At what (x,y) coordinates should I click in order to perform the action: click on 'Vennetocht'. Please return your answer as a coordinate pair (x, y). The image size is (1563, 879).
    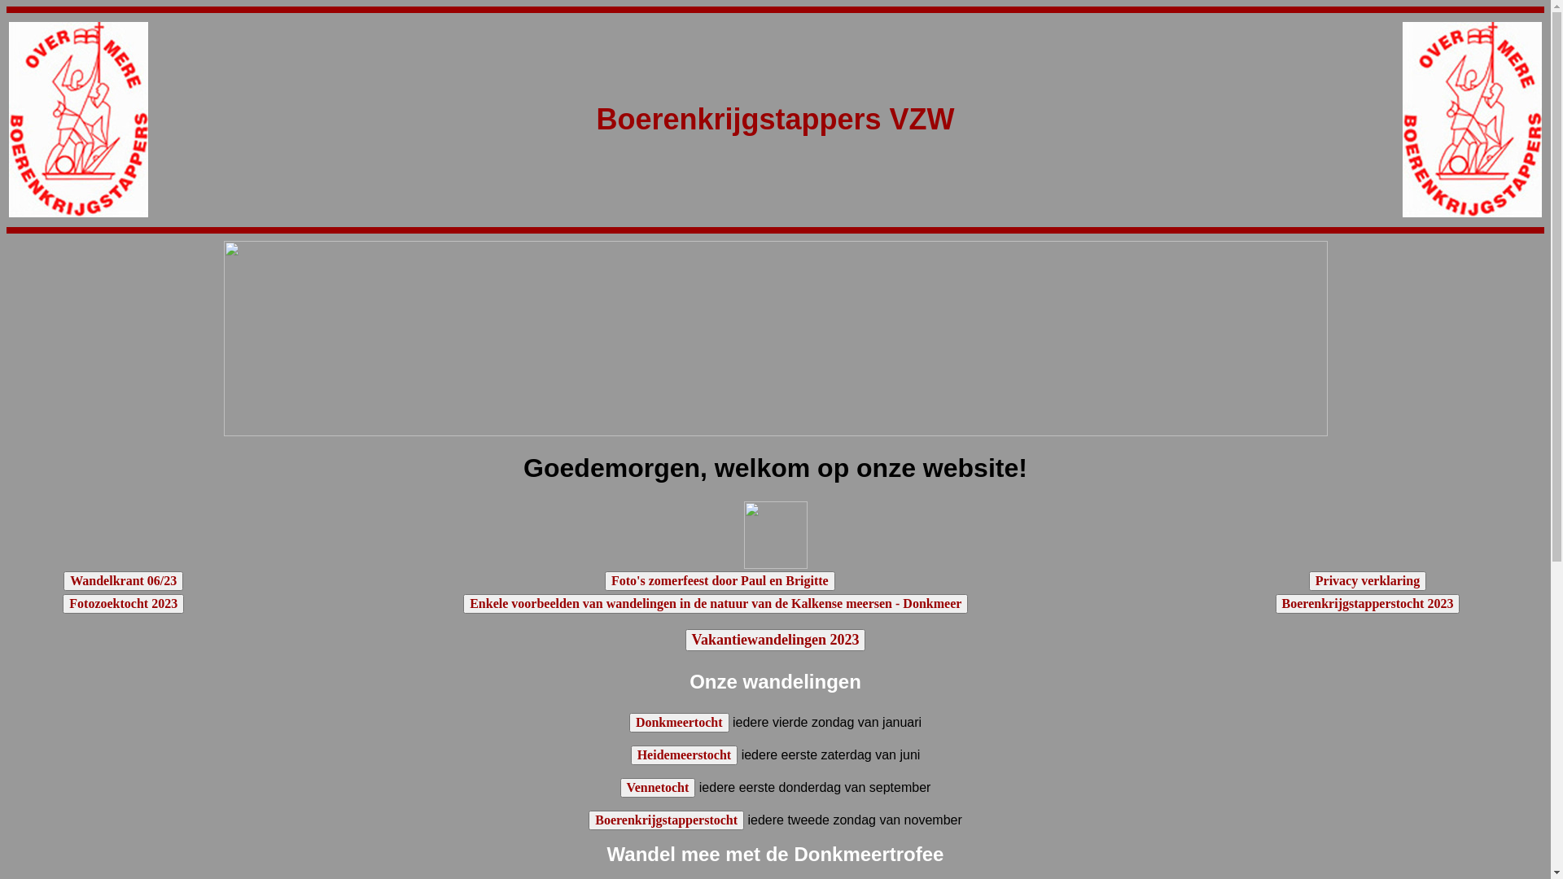
    Looking at the image, I should click on (620, 787).